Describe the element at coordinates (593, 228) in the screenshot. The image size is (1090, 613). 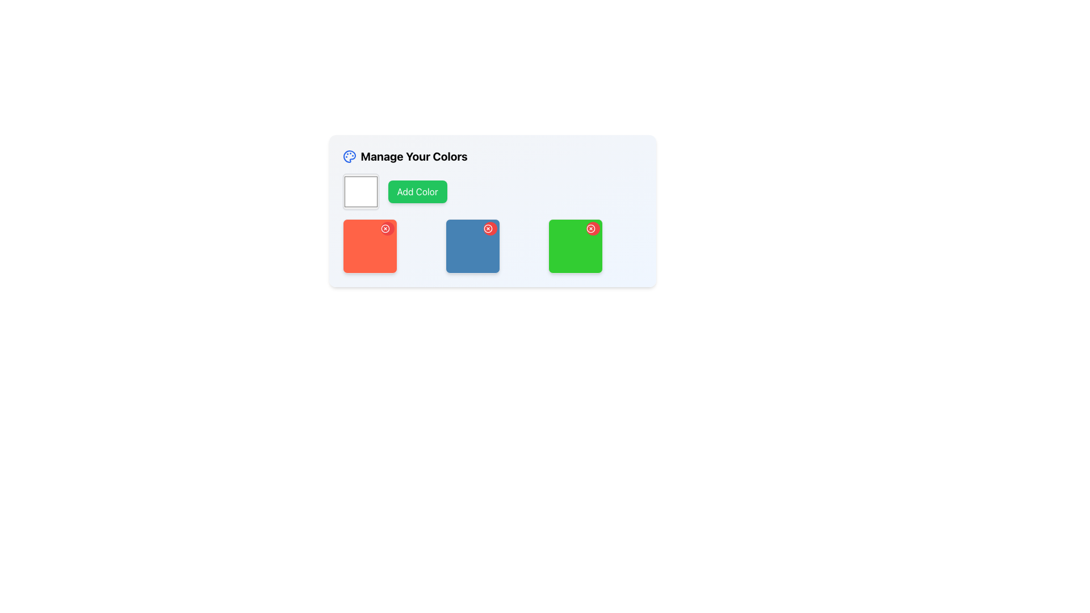
I see `the delete or close button located in the top-right corner of the green square card, which is the third card from the left` at that location.